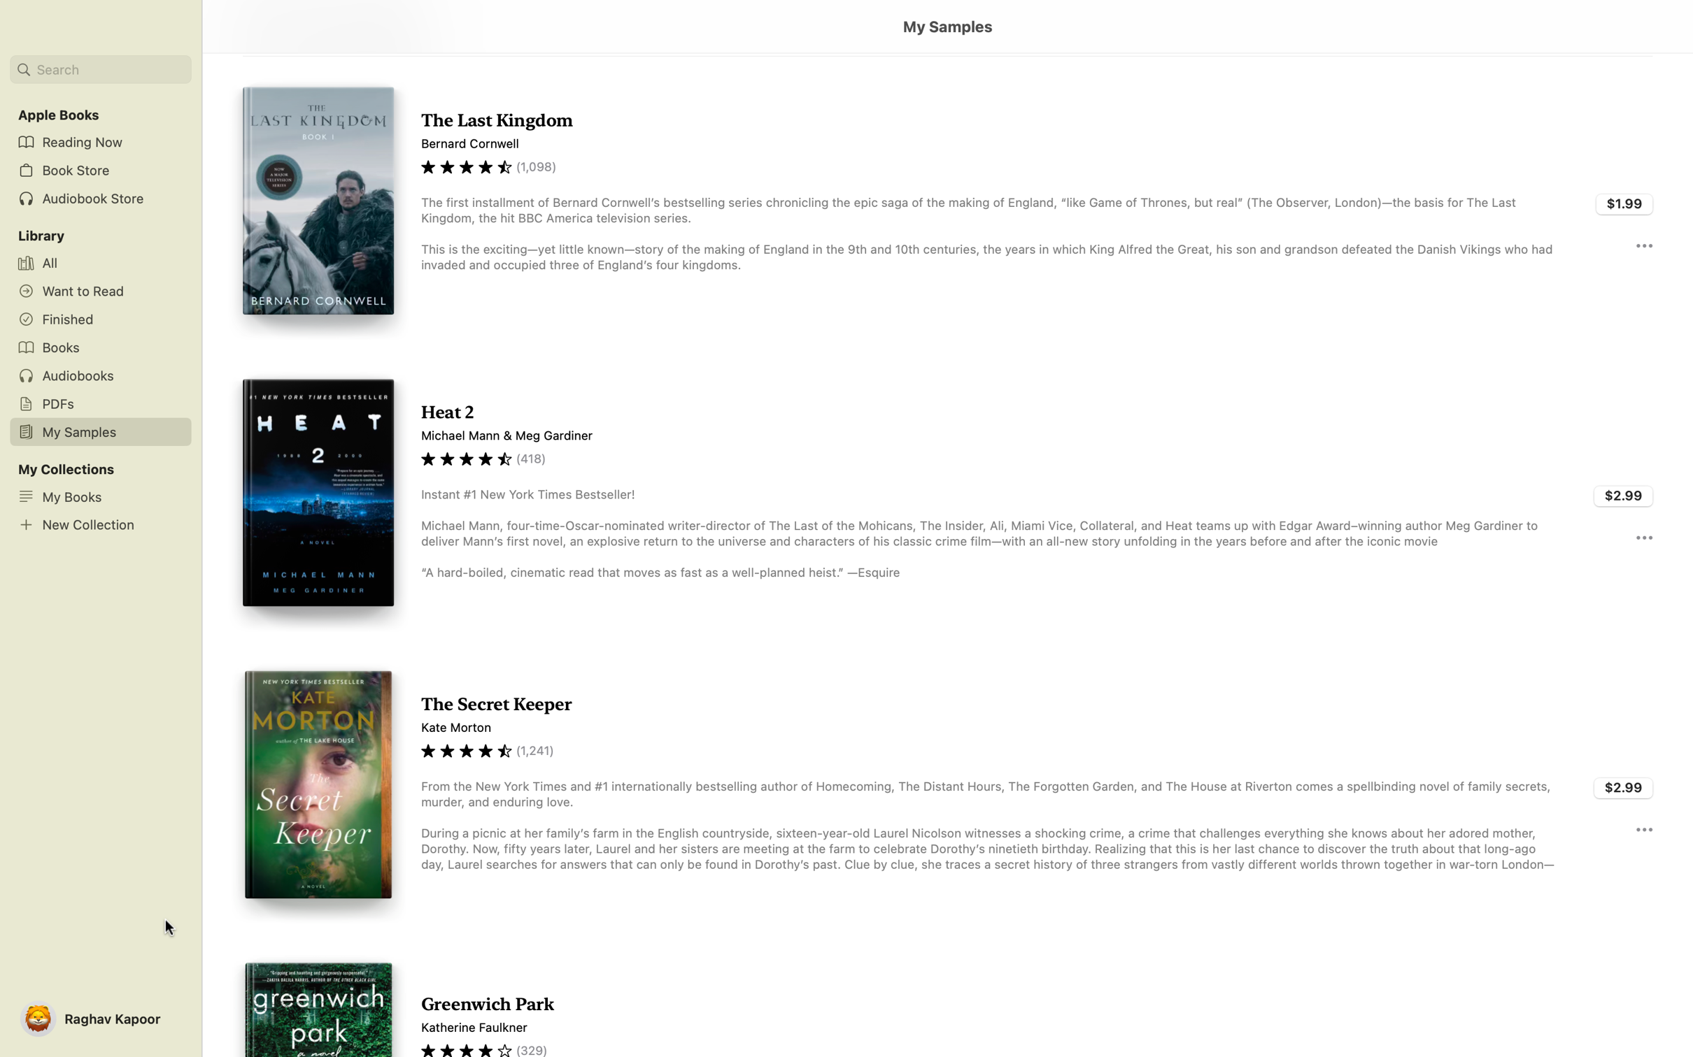  Describe the element at coordinates (5525105, 1127819) in the screenshot. I see `Navigate and view additional settings for "Heat 2` at that location.